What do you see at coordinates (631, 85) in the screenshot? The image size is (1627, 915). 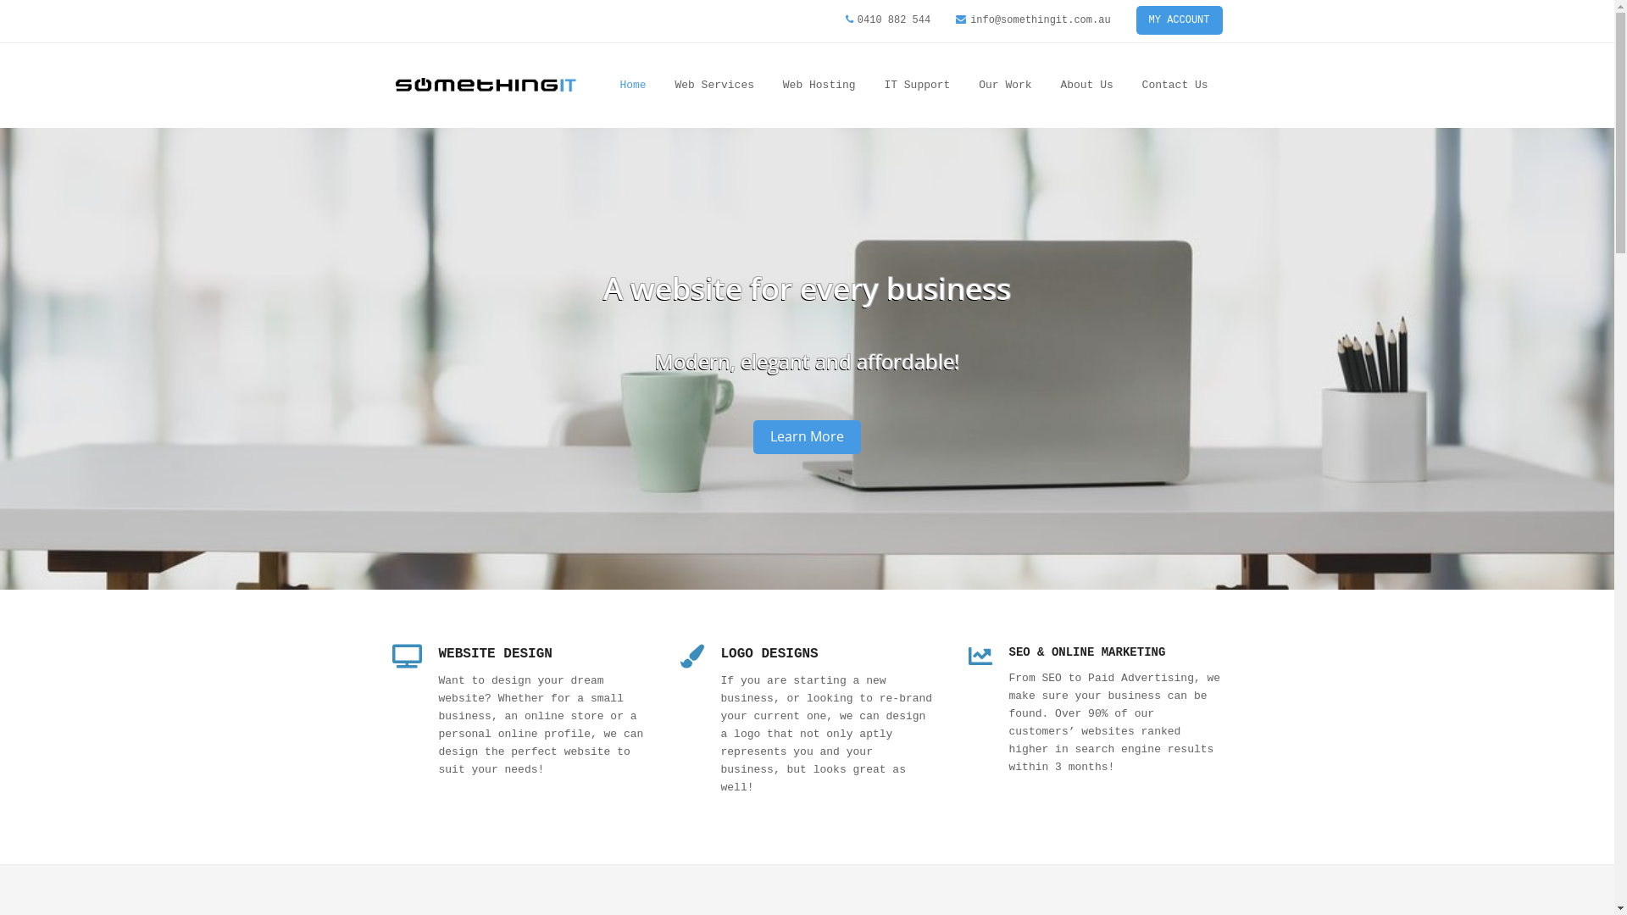 I see `'Home'` at bounding box center [631, 85].